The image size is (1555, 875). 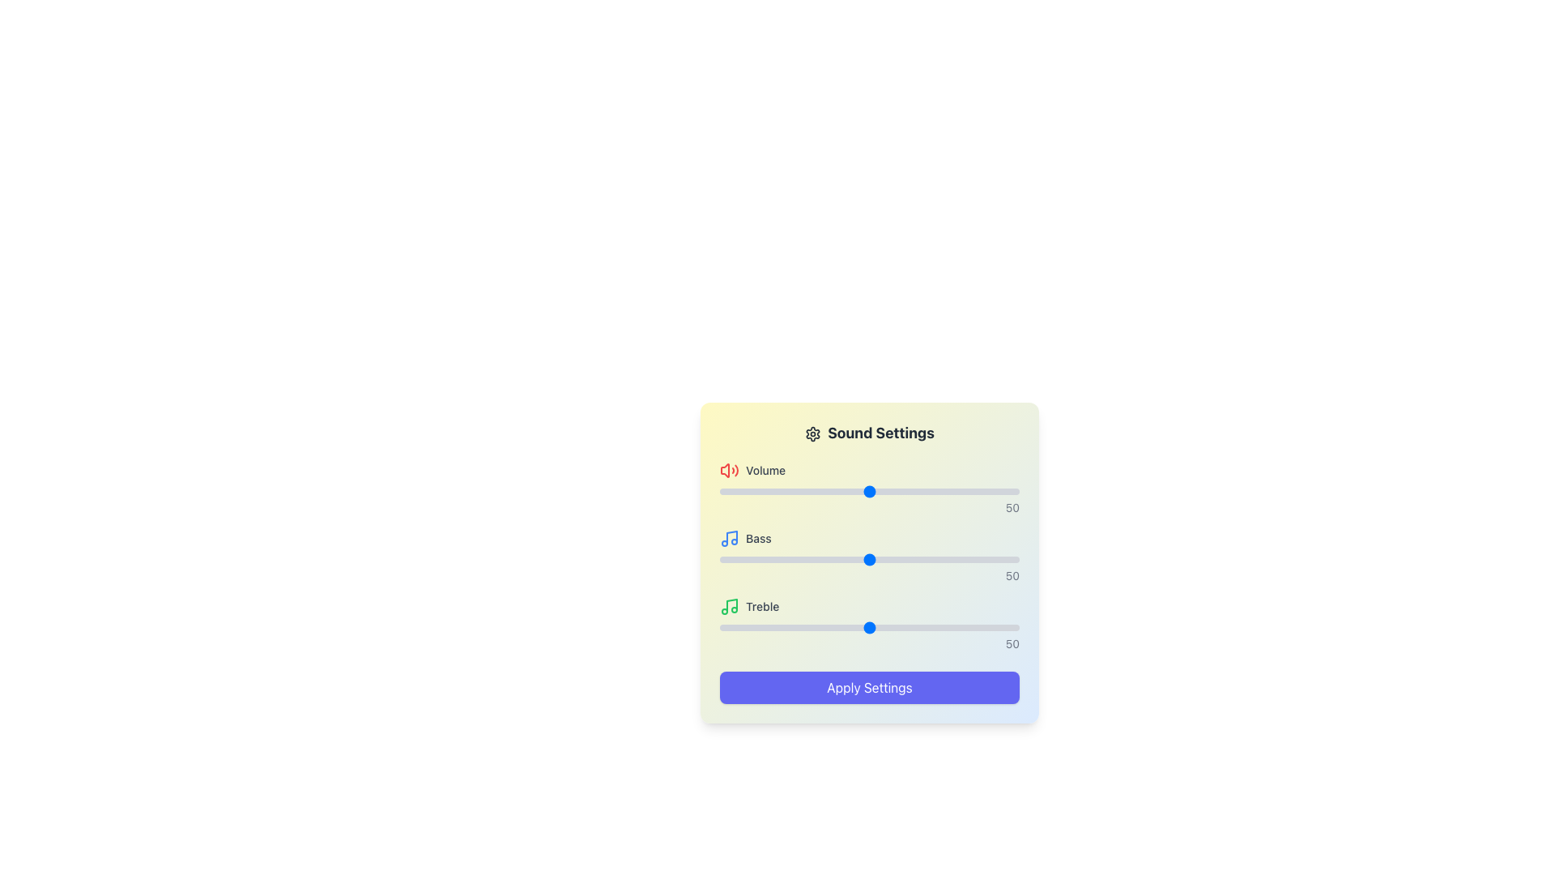 I want to click on treble, so click(x=839, y=627).